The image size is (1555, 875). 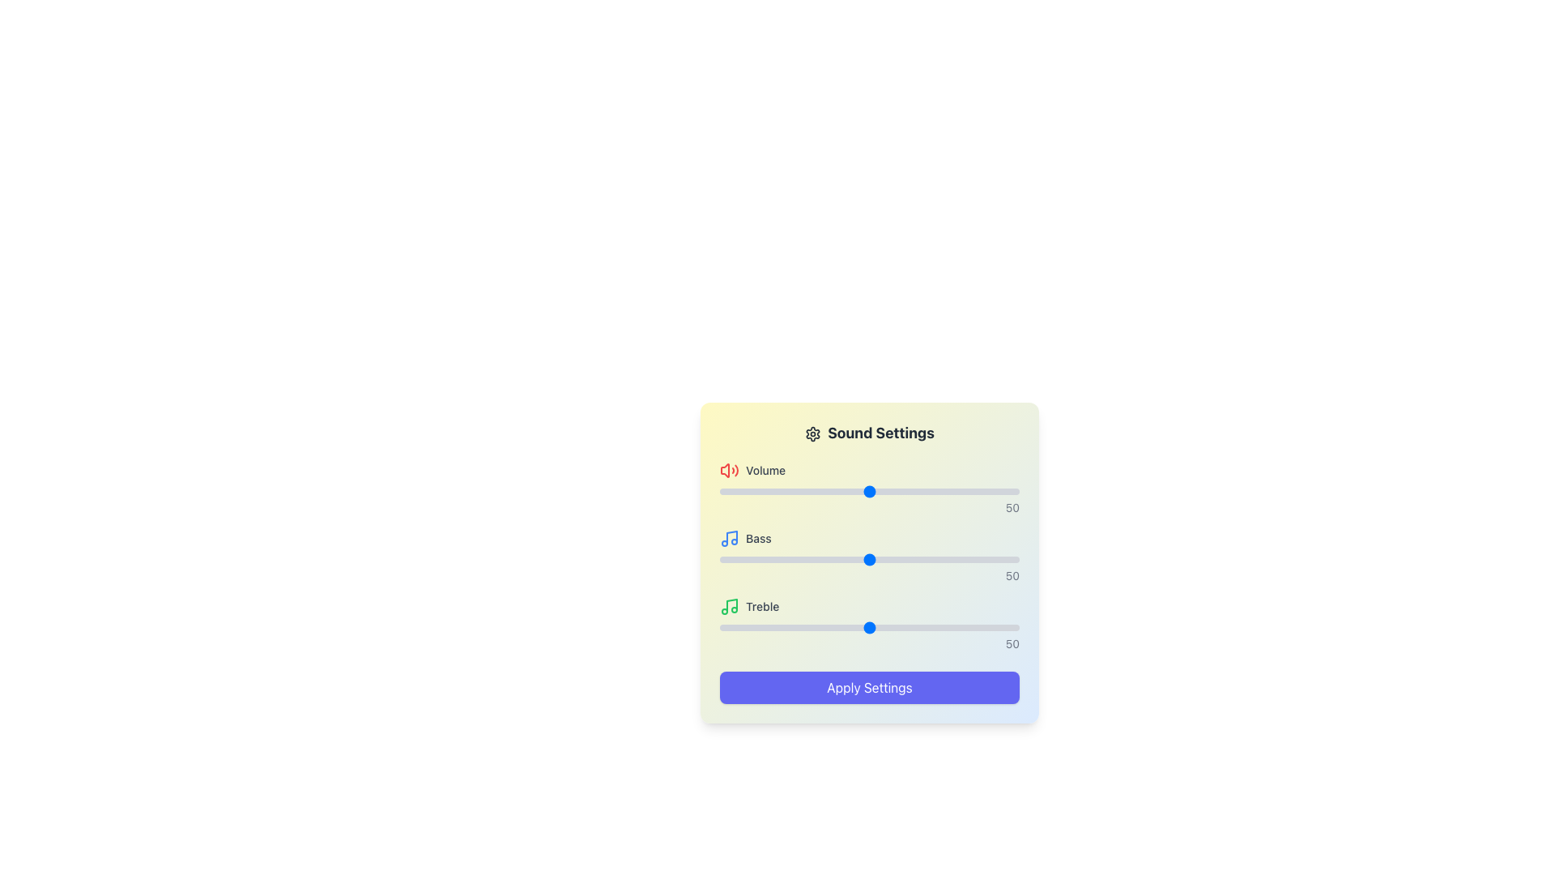 I want to click on treble, so click(x=839, y=627).